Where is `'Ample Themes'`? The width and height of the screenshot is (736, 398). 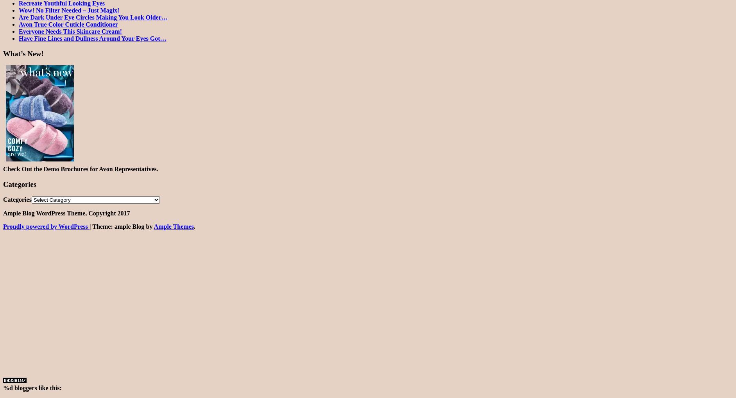
'Ample Themes' is located at coordinates (174, 226).